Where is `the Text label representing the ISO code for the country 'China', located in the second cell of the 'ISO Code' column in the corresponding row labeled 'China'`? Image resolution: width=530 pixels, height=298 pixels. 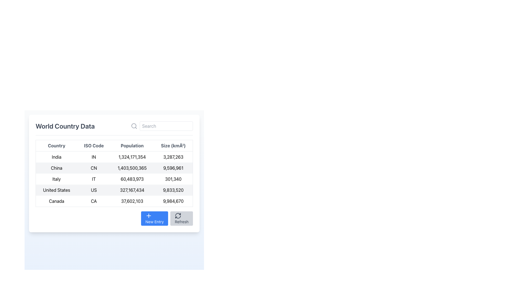
the Text label representing the ISO code for the country 'China', located in the second cell of the 'ISO Code' column in the corresponding row labeled 'China' is located at coordinates (94, 168).